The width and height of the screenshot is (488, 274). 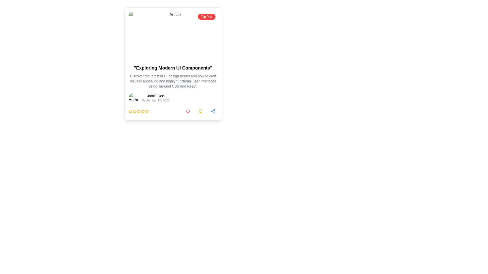 I want to click on the third star icon of the five-star rating system, so click(x=134, y=111).